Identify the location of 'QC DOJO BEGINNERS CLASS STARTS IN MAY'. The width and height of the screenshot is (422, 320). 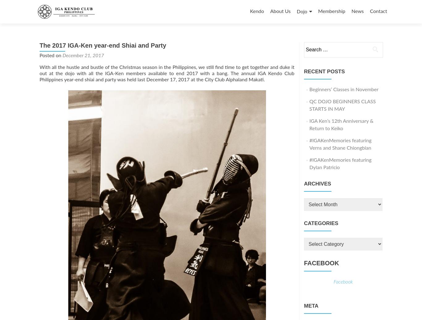
(309, 105).